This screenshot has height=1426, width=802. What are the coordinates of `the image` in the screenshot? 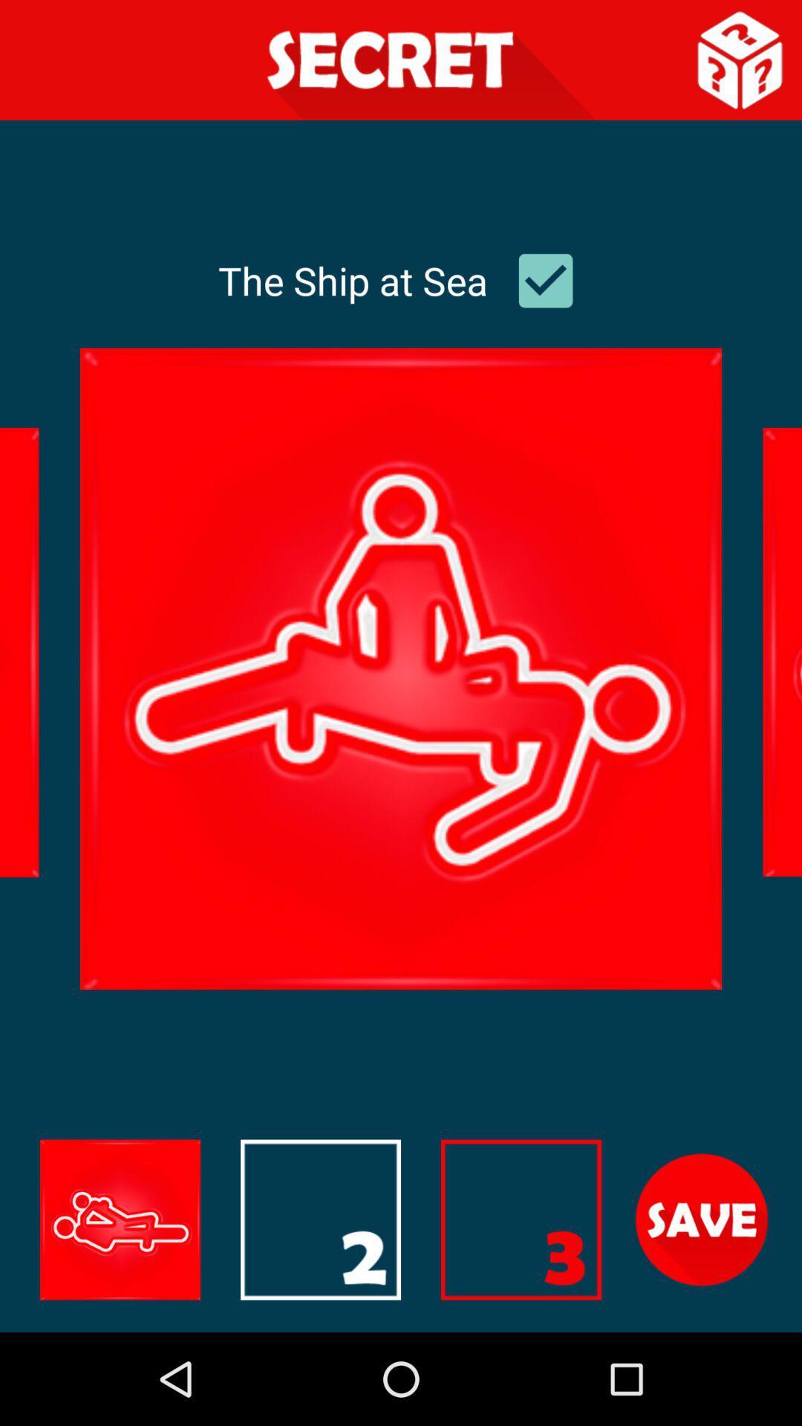 It's located at (521, 1220).